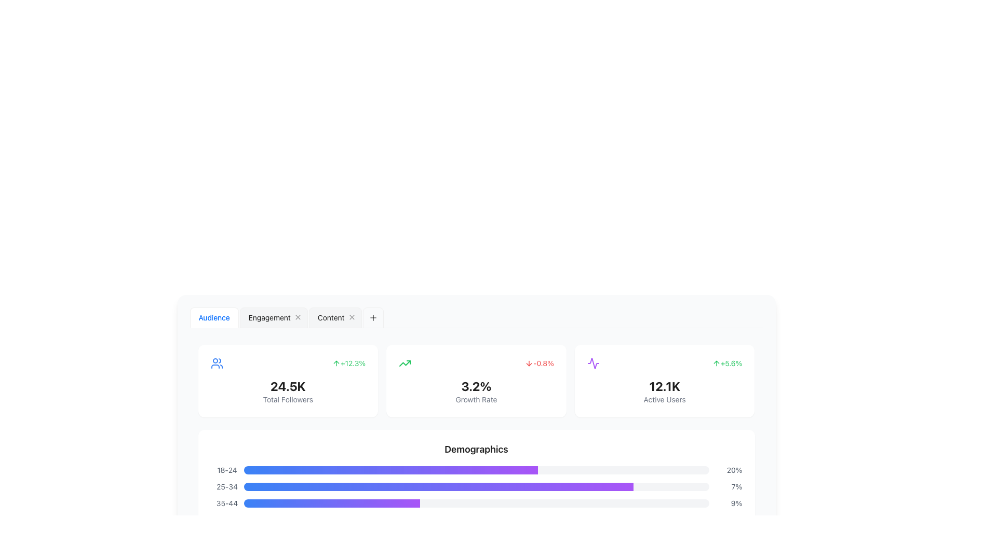 This screenshot has width=997, height=560. What do you see at coordinates (213, 328) in the screenshot?
I see `the active tab indicator located at the bottom edge of the 'Audience' tab in the tabbed navigation interface` at bounding box center [213, 328].